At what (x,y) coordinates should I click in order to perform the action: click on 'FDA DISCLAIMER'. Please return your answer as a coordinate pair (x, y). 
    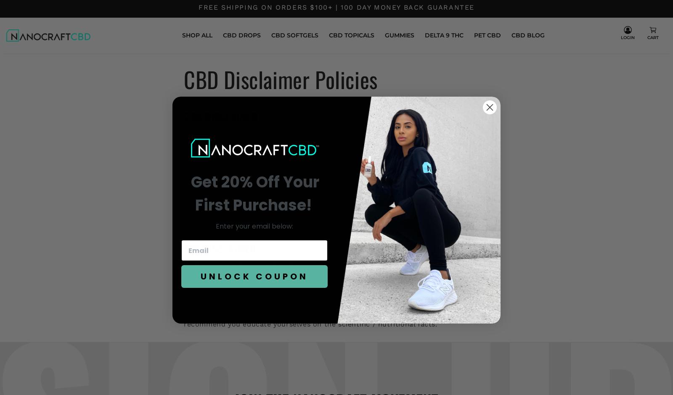
    Looking at the image, I should click on (219, 248).